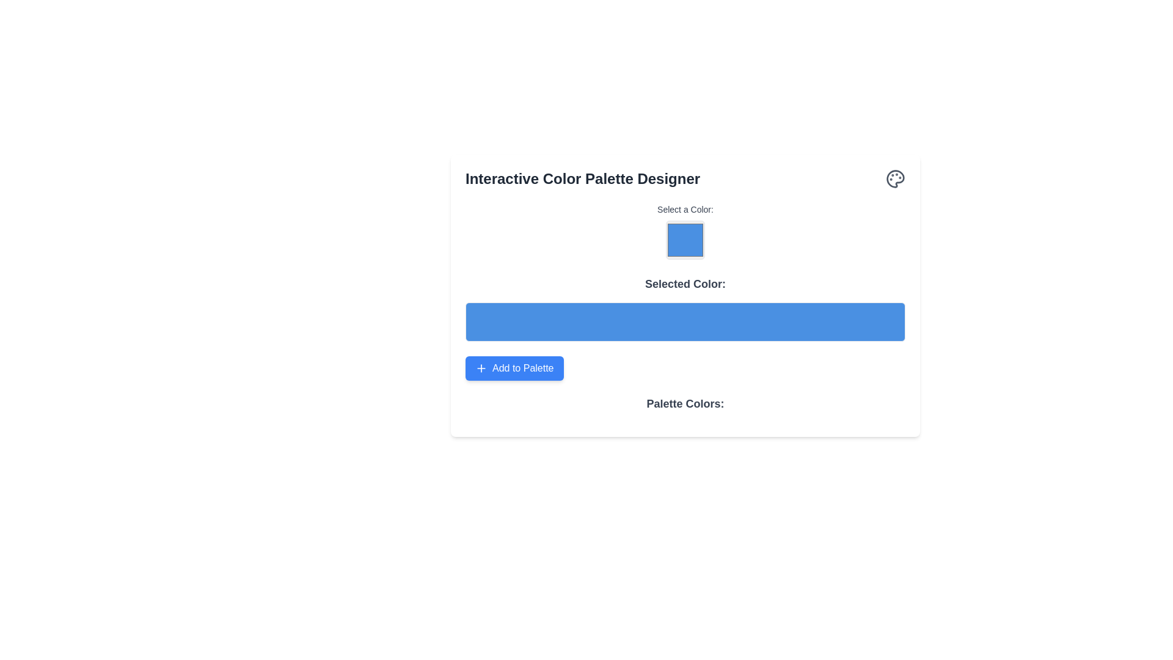  Describe the element at coordinates (685, 408) in the screenshot. I see `the text label that serves as a header for the palette section, located below the 'Add to Palette' button` at that location.